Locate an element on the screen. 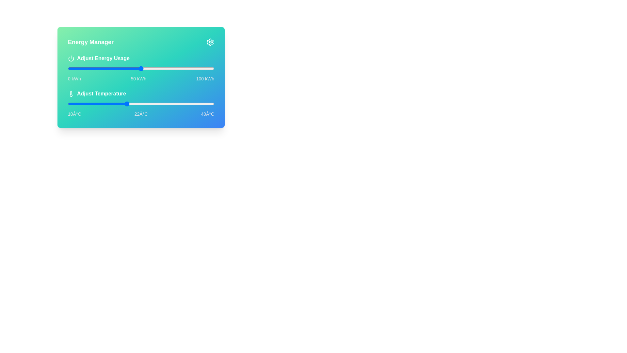 The width and height of the screenshot is (627, 353). the temperature to 20°C using the slider is located at coordinates (117, 103).